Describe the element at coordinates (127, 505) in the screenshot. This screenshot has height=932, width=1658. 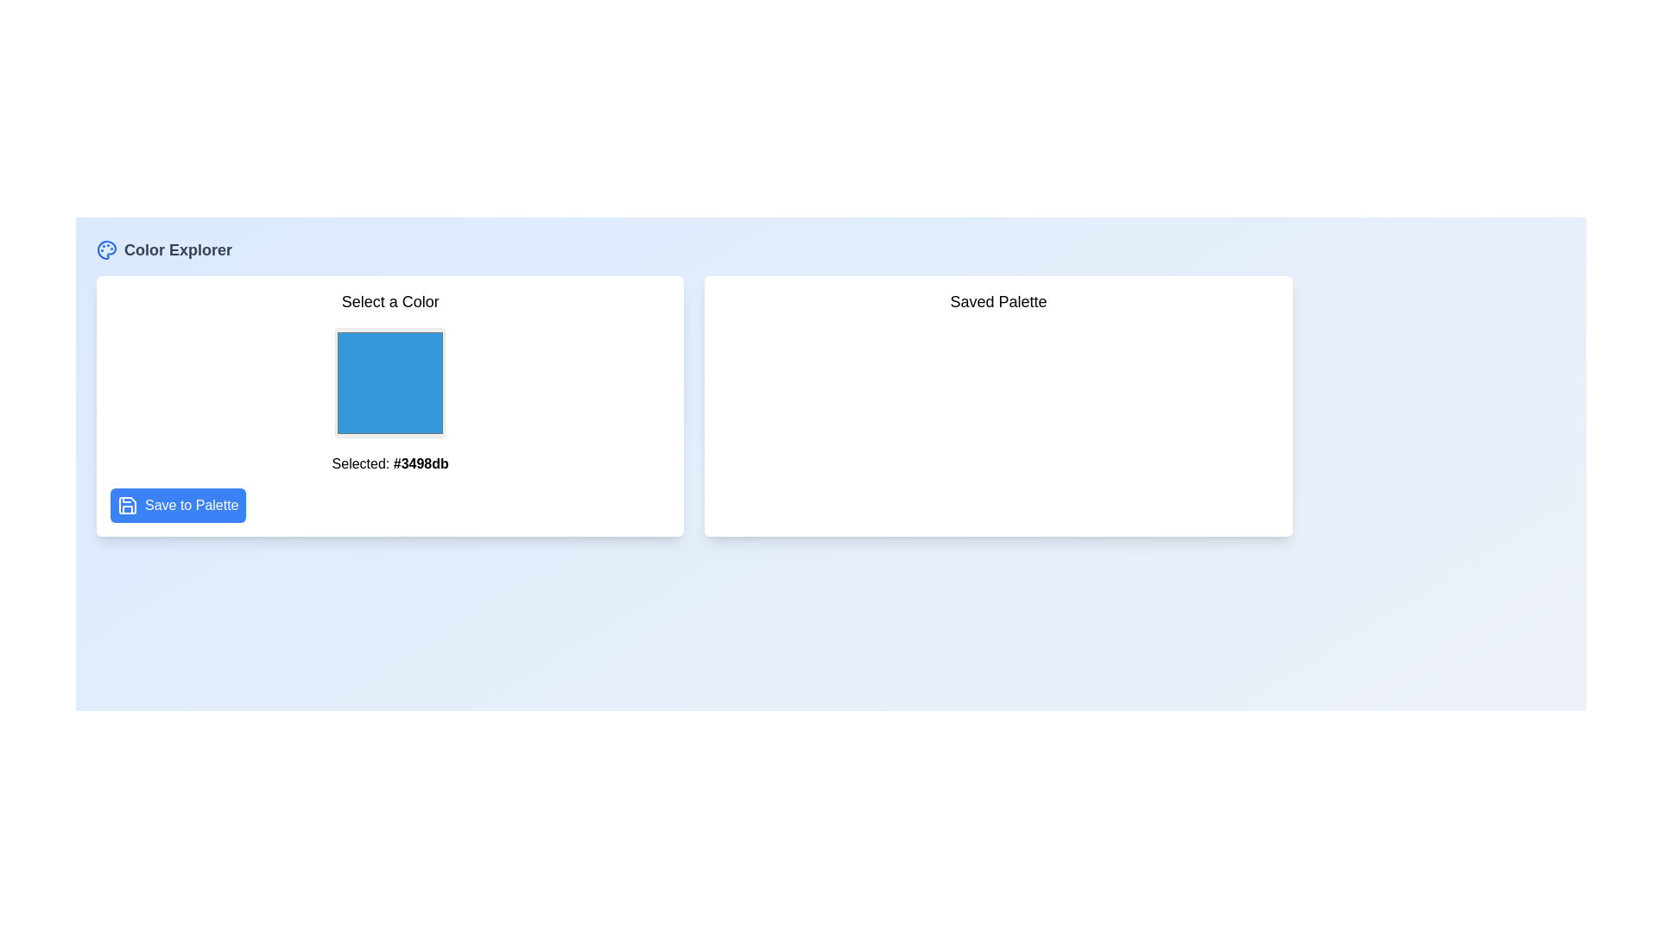
I see `the SVG Icon representing the save functionality located inside the 'Save to Palette' button at the lower-left corner of the 'Select a Color' card` at that location.